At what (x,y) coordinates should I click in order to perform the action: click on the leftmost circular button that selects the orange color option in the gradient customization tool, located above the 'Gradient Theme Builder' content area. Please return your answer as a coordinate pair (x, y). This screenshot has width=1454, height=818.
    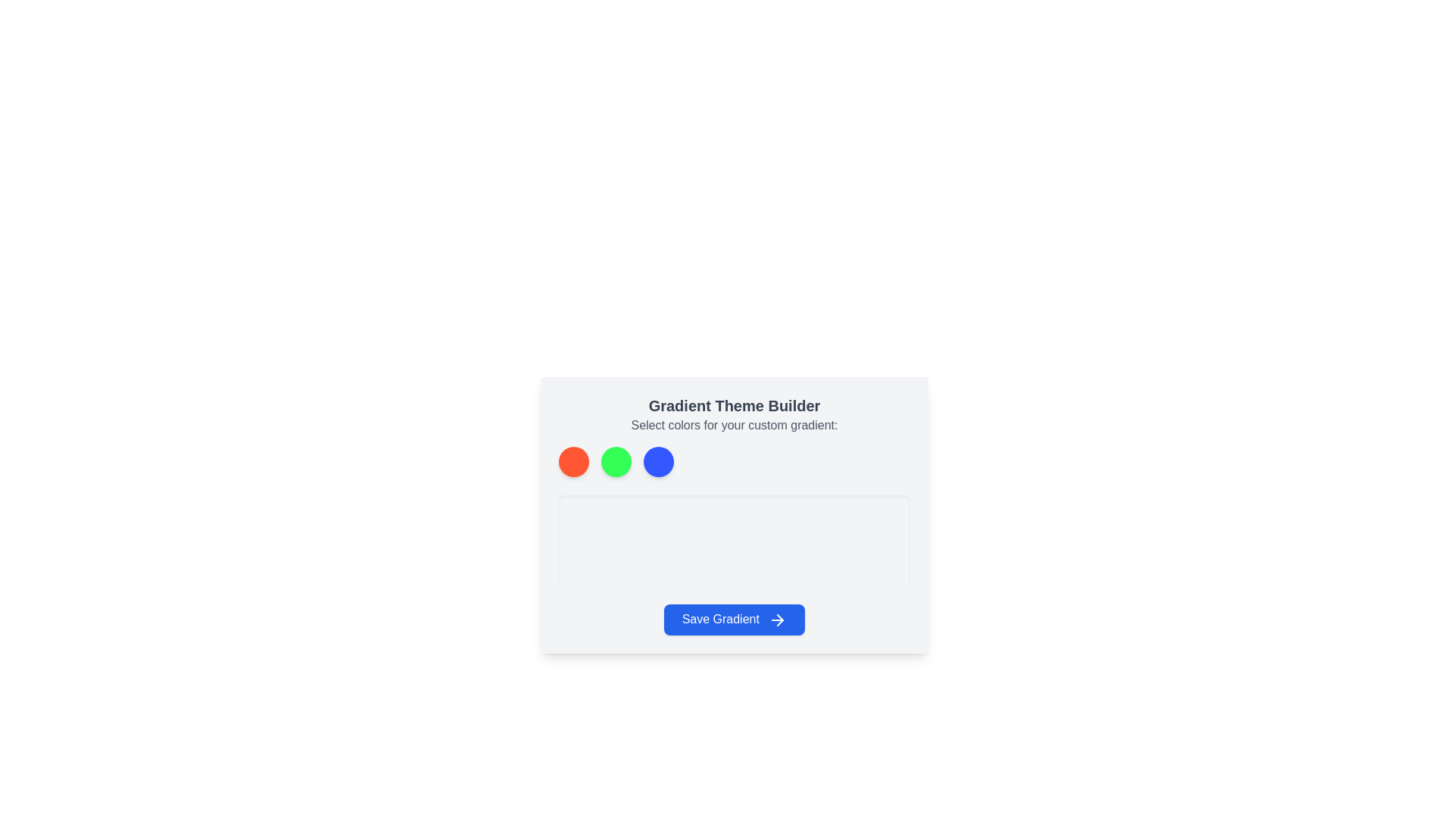
    Looking at the image, I should click on (573, 461).